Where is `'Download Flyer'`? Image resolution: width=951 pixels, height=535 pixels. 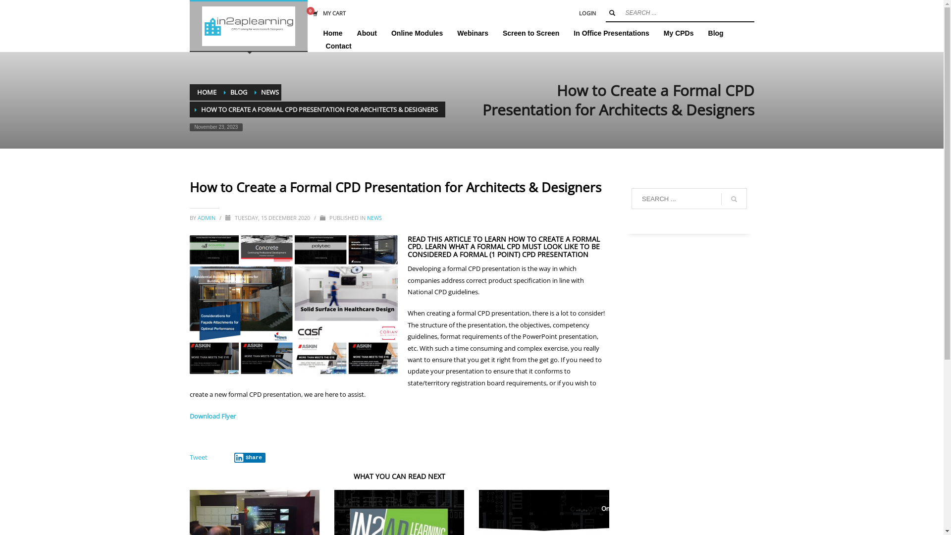
'Download Flyer' is located at coordinates (211, 416).